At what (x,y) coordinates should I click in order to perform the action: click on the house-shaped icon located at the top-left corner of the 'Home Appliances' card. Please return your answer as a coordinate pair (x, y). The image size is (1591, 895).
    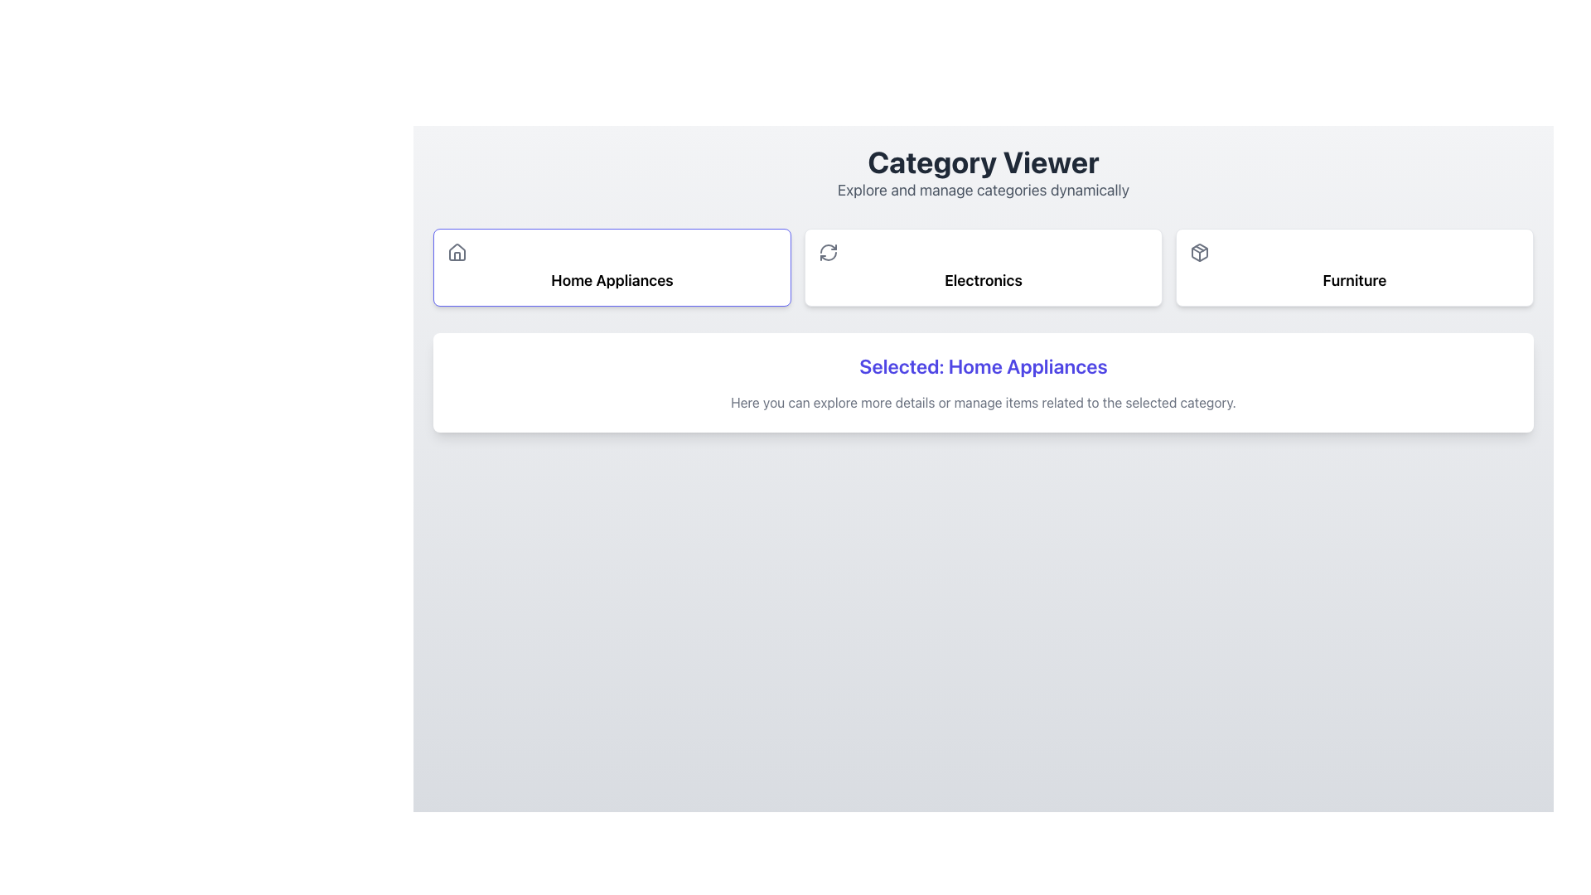
    Looking at the image, I should click on (457, 252).